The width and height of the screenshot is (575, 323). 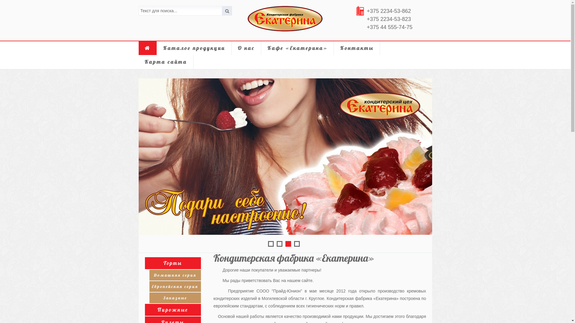 I want to click on '1', so click(x=270, y=244).